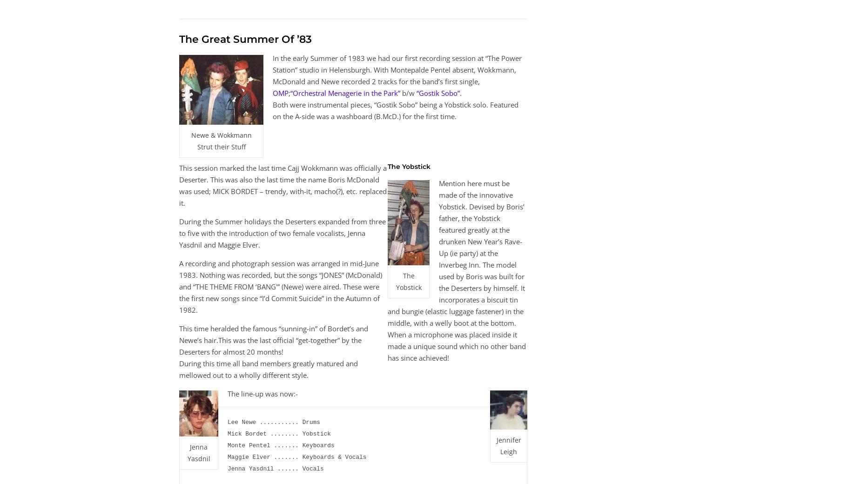 This screenshot has height=484, width=861. What do you see at coordinates (345, 92) in the screenshot?
I see `'“Orchestral Menagerie in the Park”'` at bounding box center [345, 92].